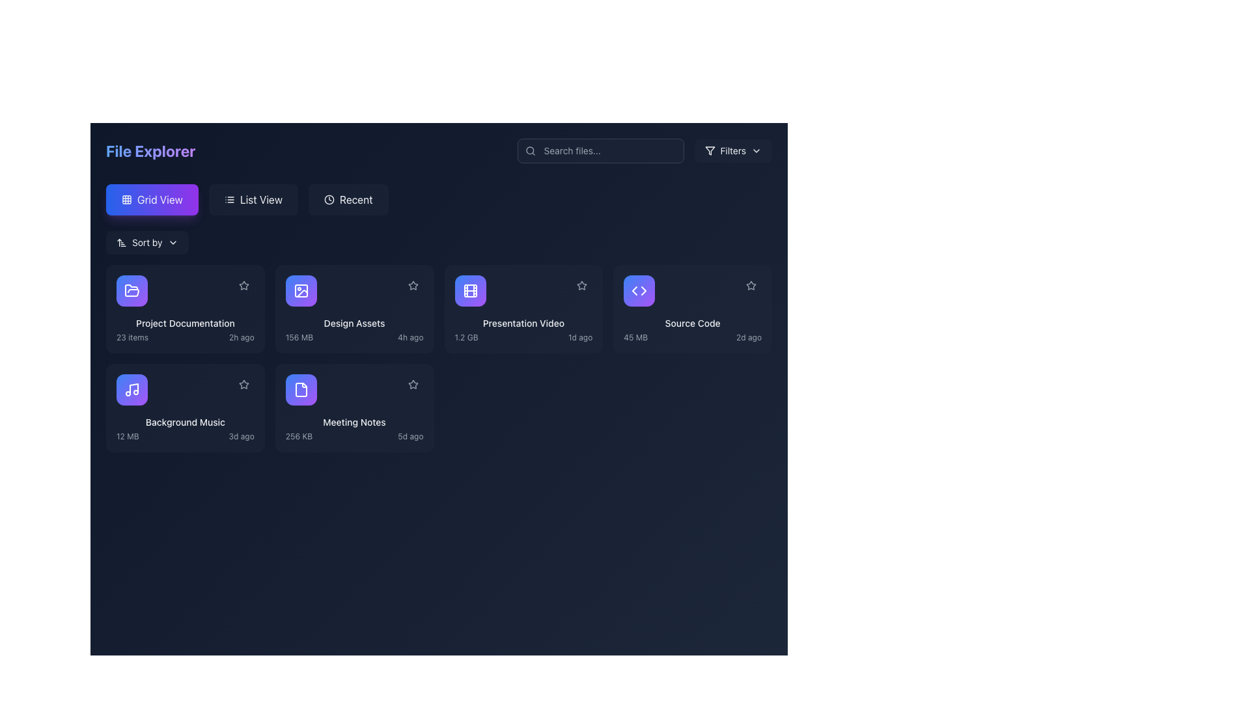  What do you see at coordinates (354, 309) in the screenshot?
I see `the second file item card in the grid layout of the file explorer` at bounding box center [354, 309].